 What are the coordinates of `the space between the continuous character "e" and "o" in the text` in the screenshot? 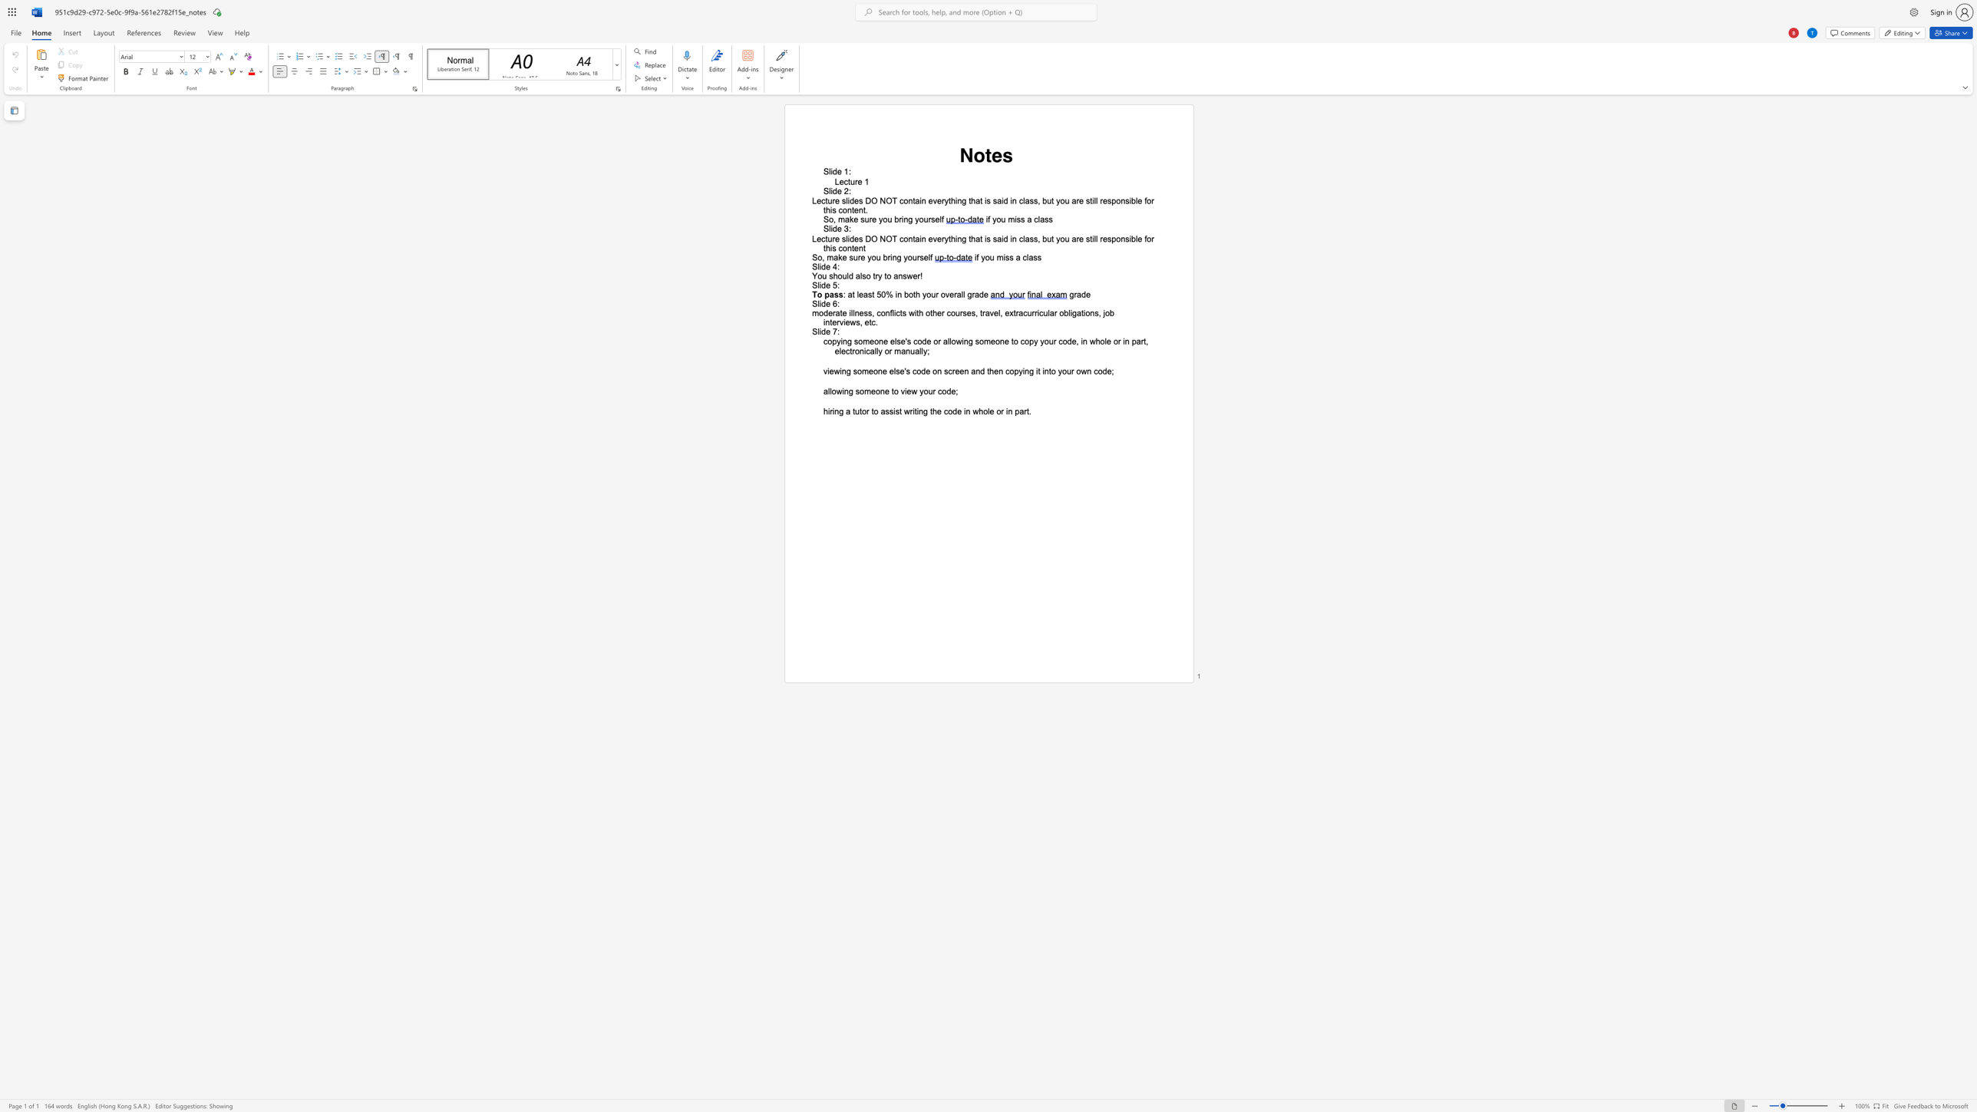 It's located at (873, 371).